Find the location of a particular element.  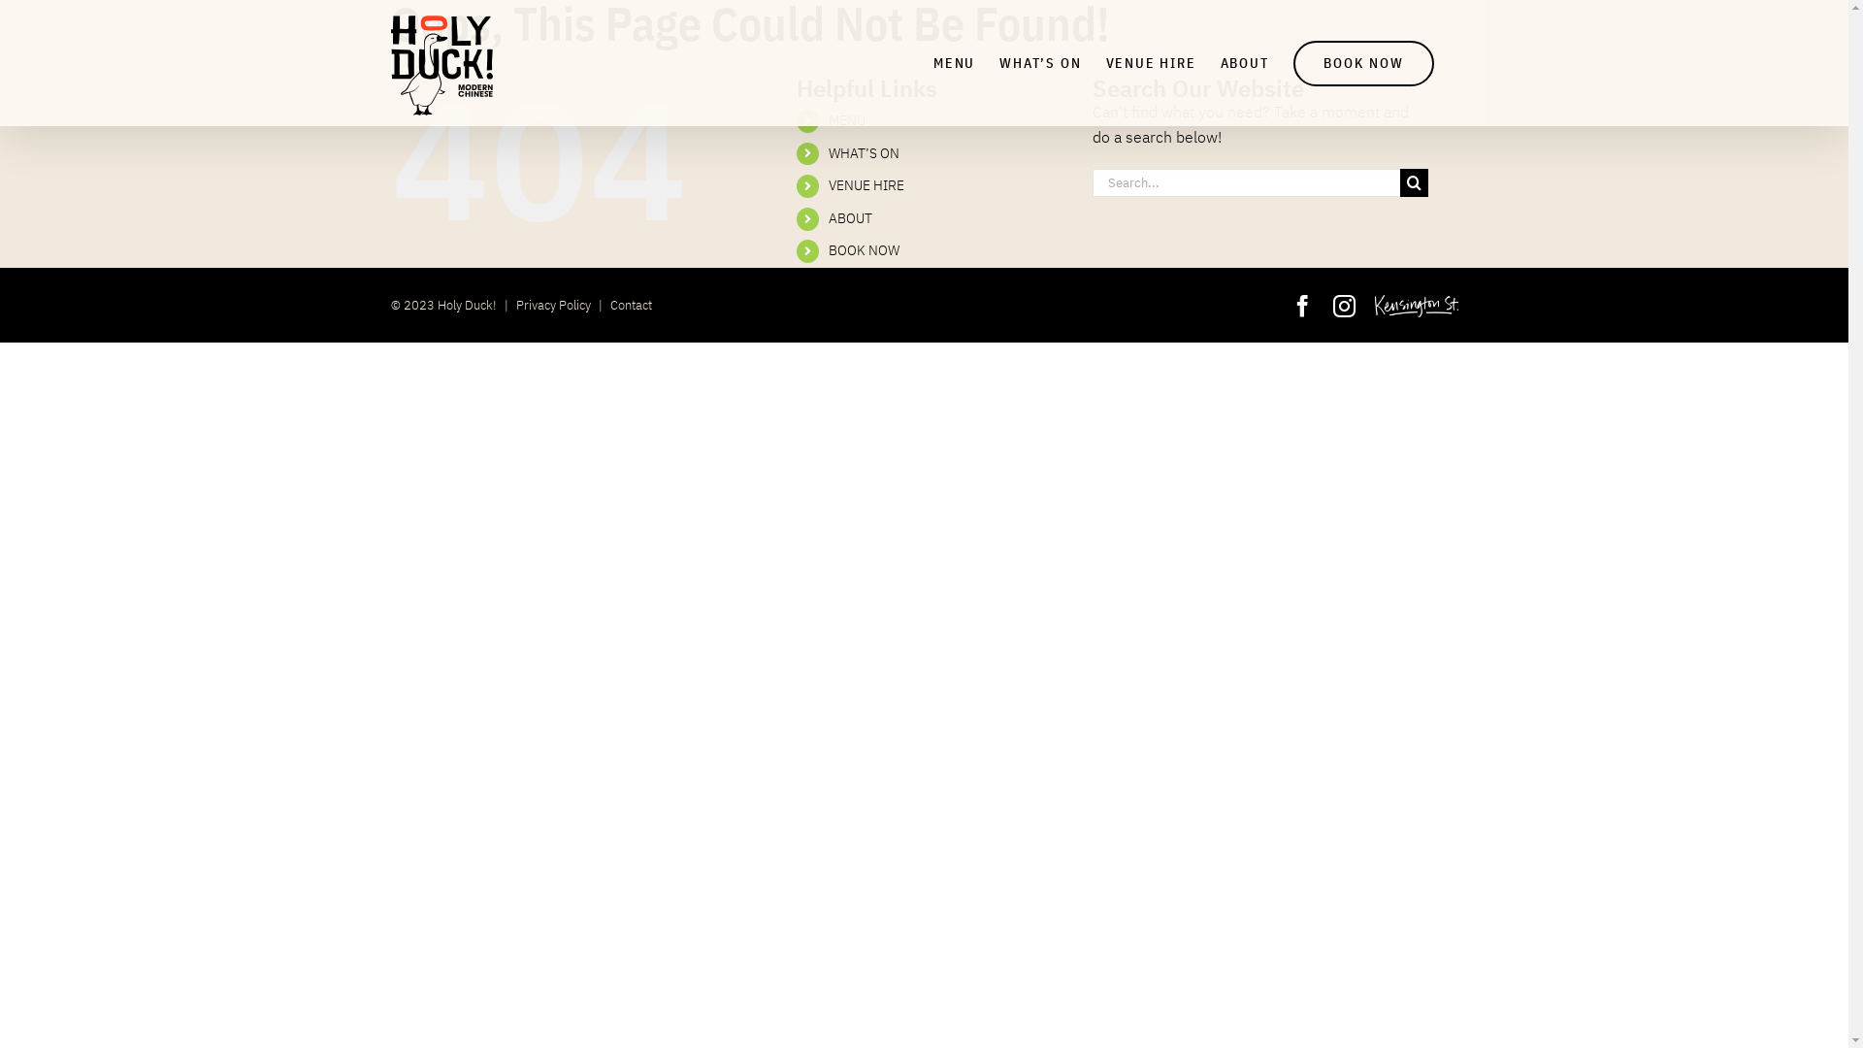

'Privacy Policy' is located at coordinates (516, 305).